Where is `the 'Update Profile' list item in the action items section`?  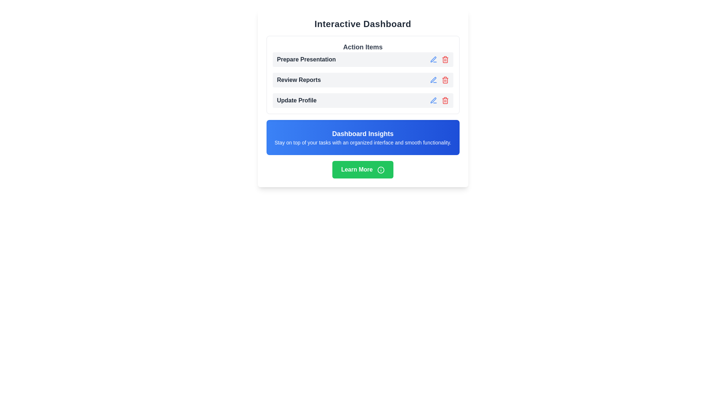 the 'Update Profile' list item in the action items section is located at coordinates (363, 100).